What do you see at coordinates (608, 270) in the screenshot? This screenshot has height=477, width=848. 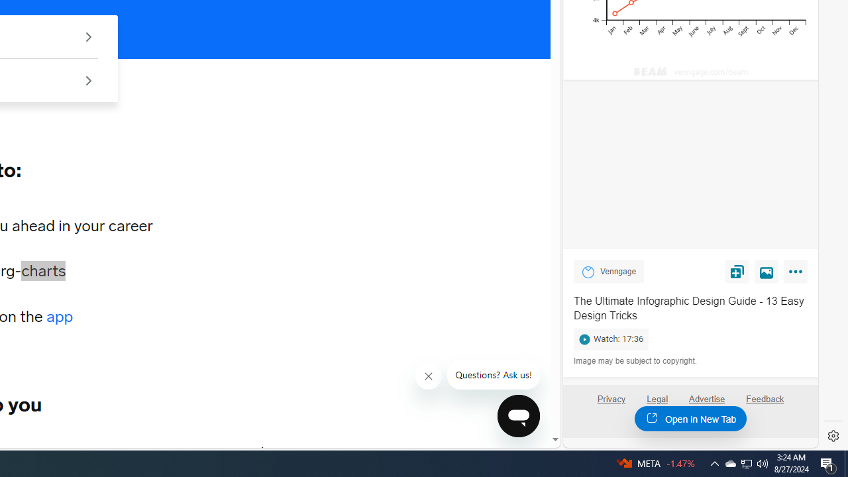 I see `'Venngage Venngage'` at bounding box center [608, 270].